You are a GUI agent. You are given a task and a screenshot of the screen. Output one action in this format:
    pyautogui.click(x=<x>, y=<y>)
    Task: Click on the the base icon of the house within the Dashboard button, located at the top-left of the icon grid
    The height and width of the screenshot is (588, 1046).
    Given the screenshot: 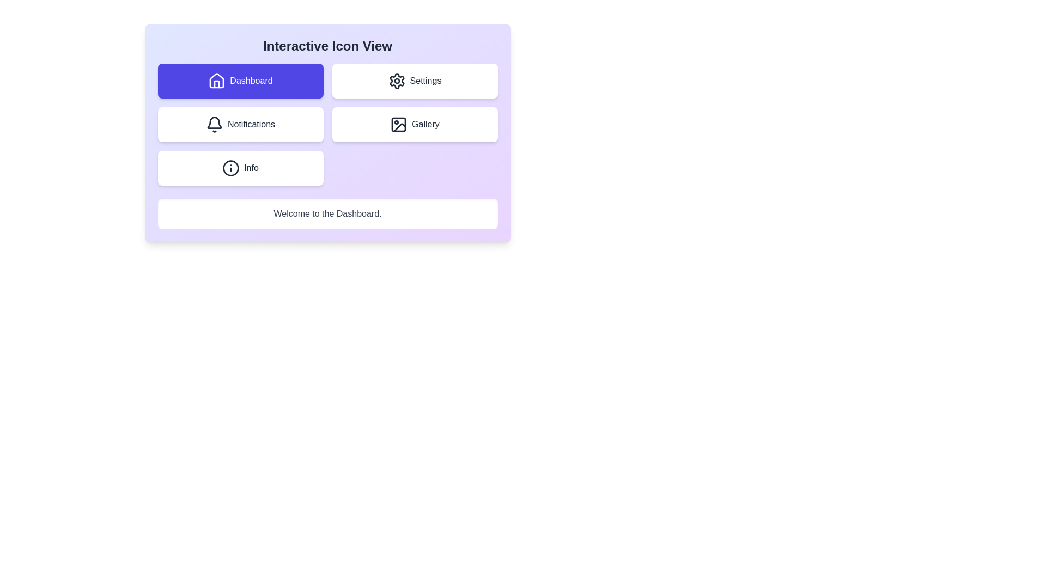 What is the action you would take?
    pyautogui.click(x=217, y=83)
    